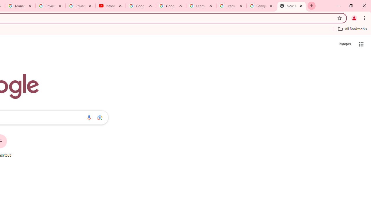 This screenshot has height=208, width=371. What do you see at coordinates (100, 117) in the screenshot?
I see `'Search by image'` at bounding box center [100, 117].